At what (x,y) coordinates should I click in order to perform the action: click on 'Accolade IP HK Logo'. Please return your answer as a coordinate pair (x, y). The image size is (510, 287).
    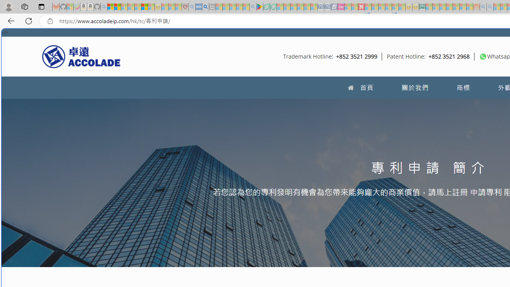
    Looking at the image, I should click on (81, 56).